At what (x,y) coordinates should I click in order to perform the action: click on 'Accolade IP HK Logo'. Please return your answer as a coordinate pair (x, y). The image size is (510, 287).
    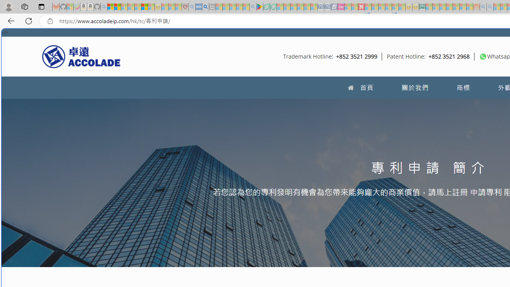
    Looking at the image, I should click on (81, 56).